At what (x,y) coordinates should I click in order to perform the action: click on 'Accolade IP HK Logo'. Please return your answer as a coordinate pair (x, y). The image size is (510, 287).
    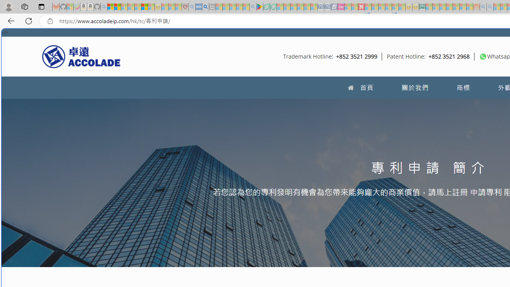
    Looking at the image, I should click on (81, 56).